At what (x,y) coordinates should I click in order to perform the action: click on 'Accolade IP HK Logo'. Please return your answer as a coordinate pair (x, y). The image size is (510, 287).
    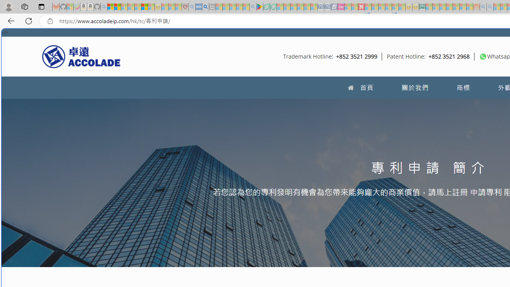
    Looking at the image, I should click on (81, 56).